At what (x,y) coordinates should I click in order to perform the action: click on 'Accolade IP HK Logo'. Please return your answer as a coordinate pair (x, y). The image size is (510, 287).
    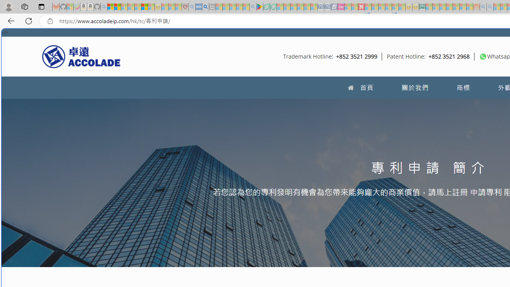
    Looking at the image, I should click on (81, 56).